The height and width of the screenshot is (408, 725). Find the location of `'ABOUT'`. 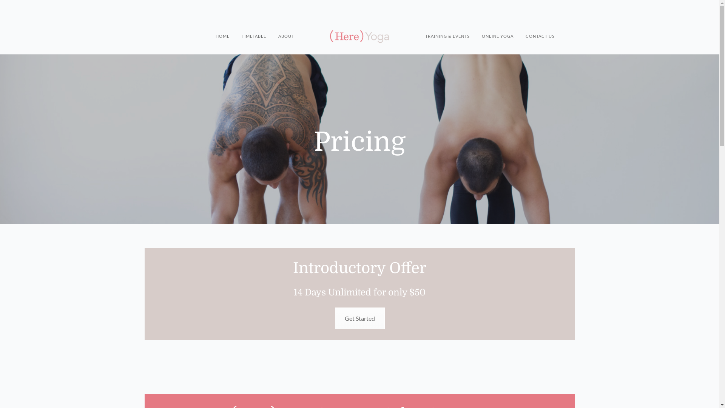

'ABOUT' is located at coordinates (278, 28).